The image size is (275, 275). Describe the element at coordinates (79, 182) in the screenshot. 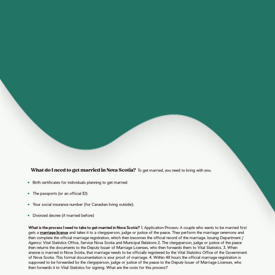

I see `'Birth certificates for individuals planning to get married'` at that location.